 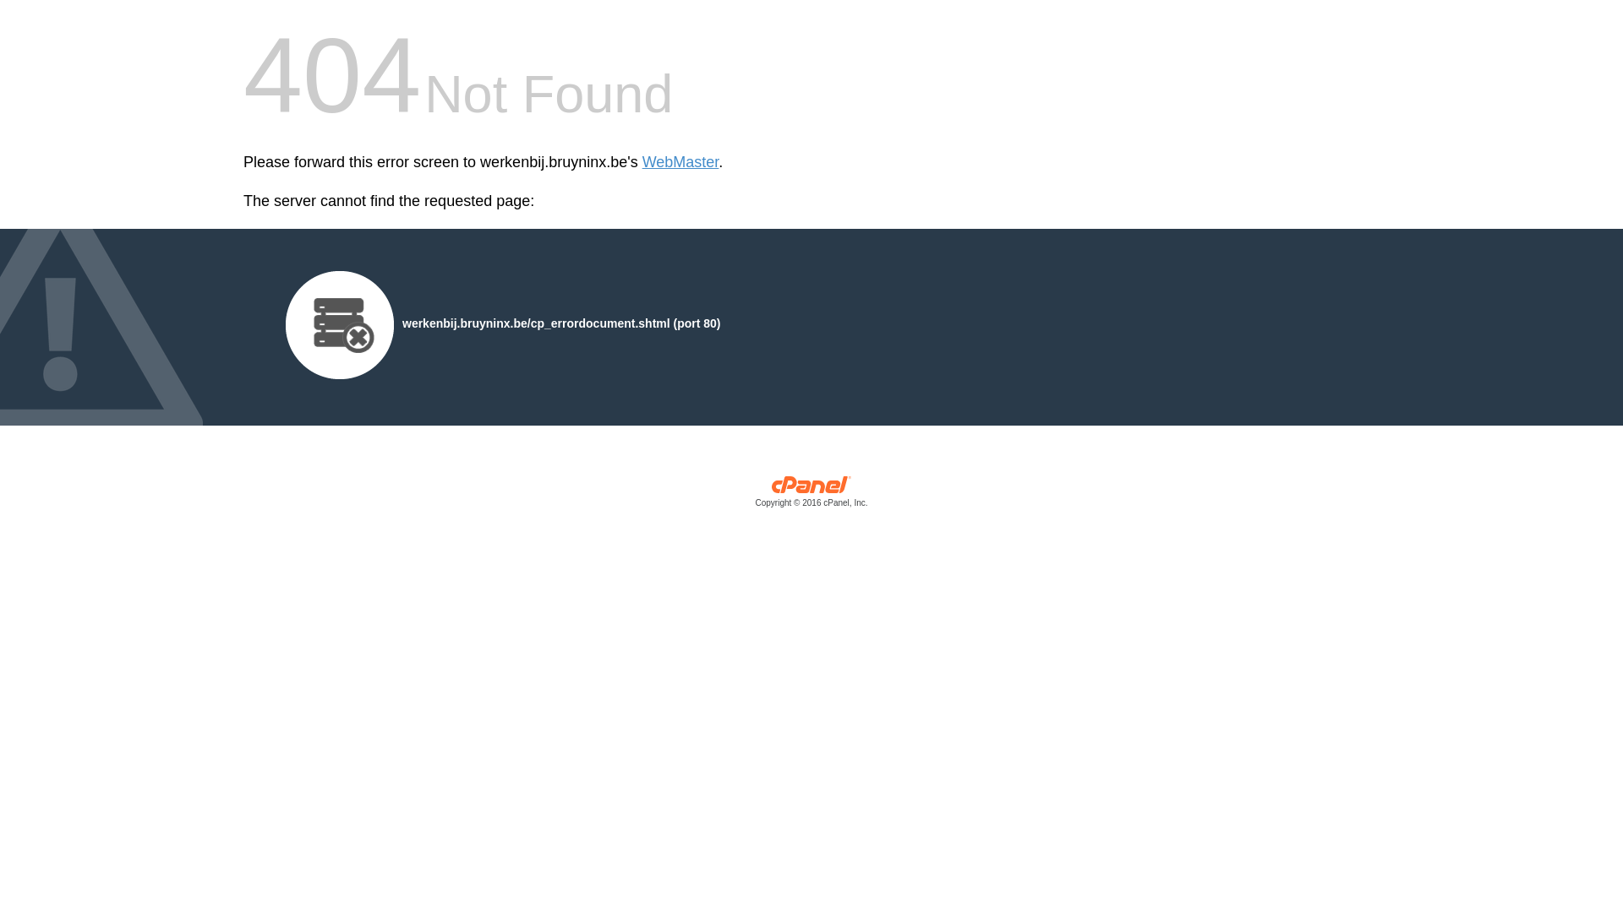 What do you see at coordinates (680, 162) in the screenshot?
I see `'WebMaster'` at bounding box center [680, 162].